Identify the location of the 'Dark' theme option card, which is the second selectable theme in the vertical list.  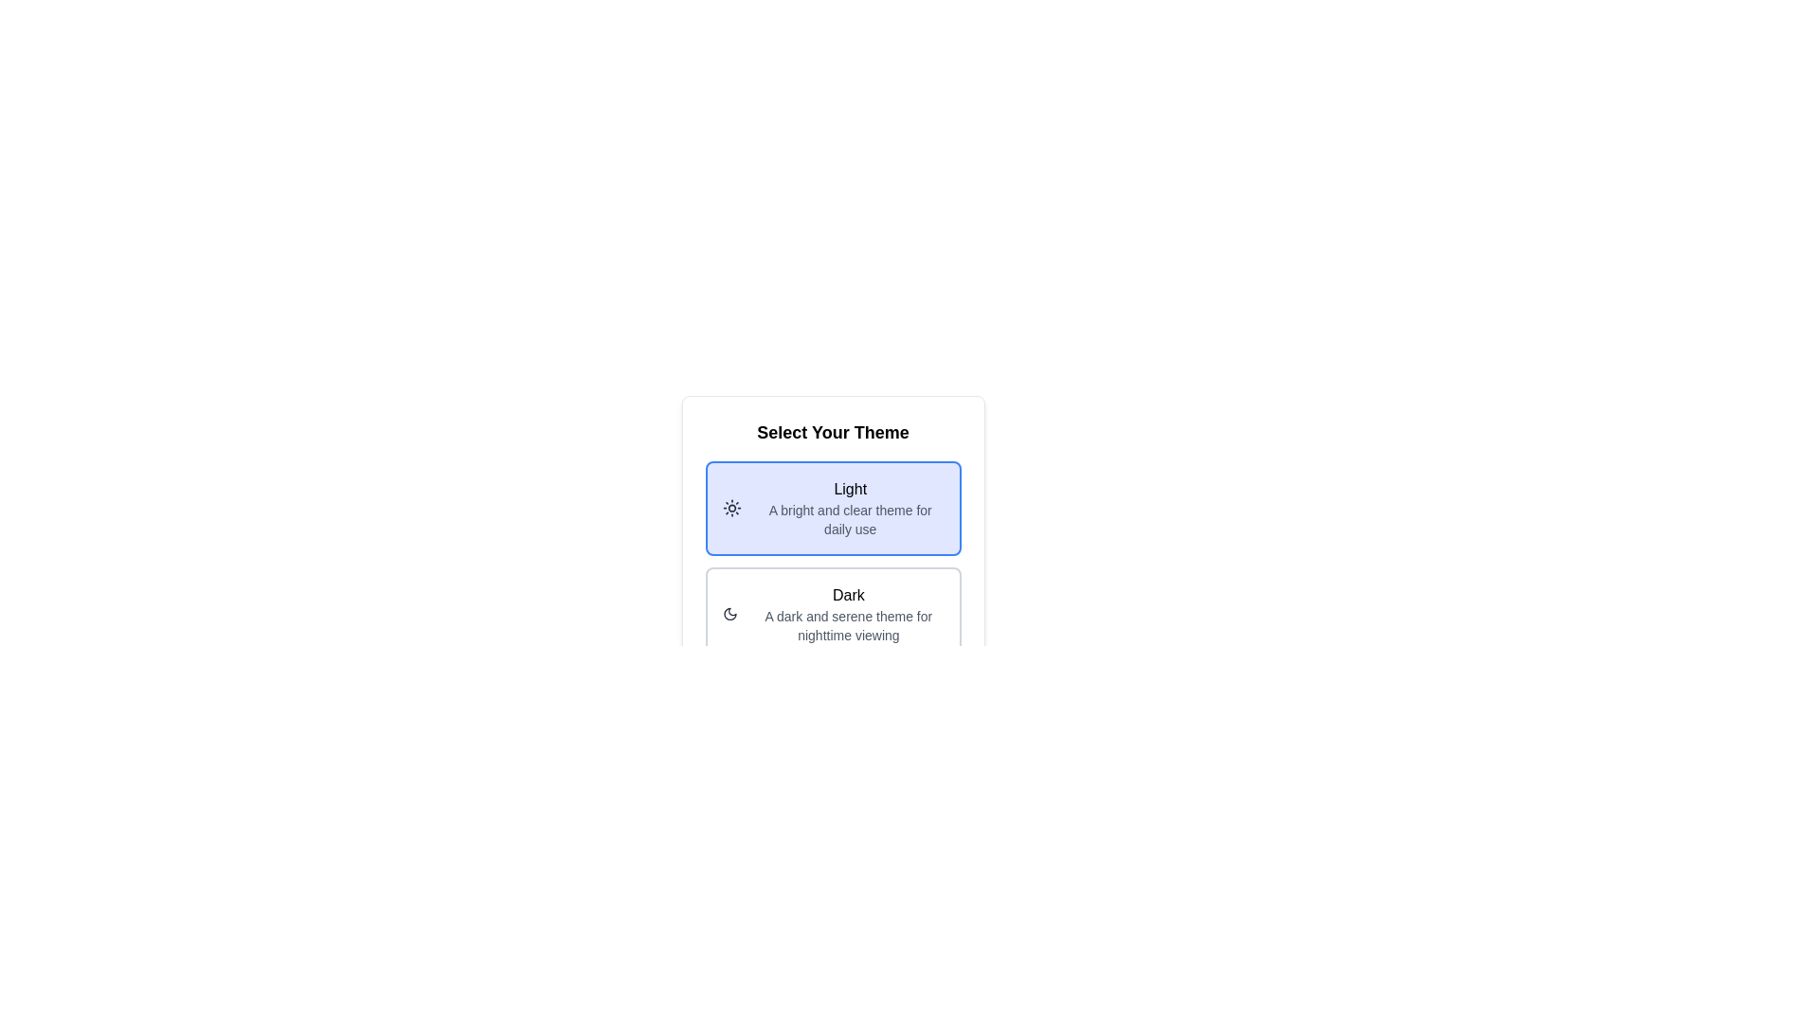
(833, 614).